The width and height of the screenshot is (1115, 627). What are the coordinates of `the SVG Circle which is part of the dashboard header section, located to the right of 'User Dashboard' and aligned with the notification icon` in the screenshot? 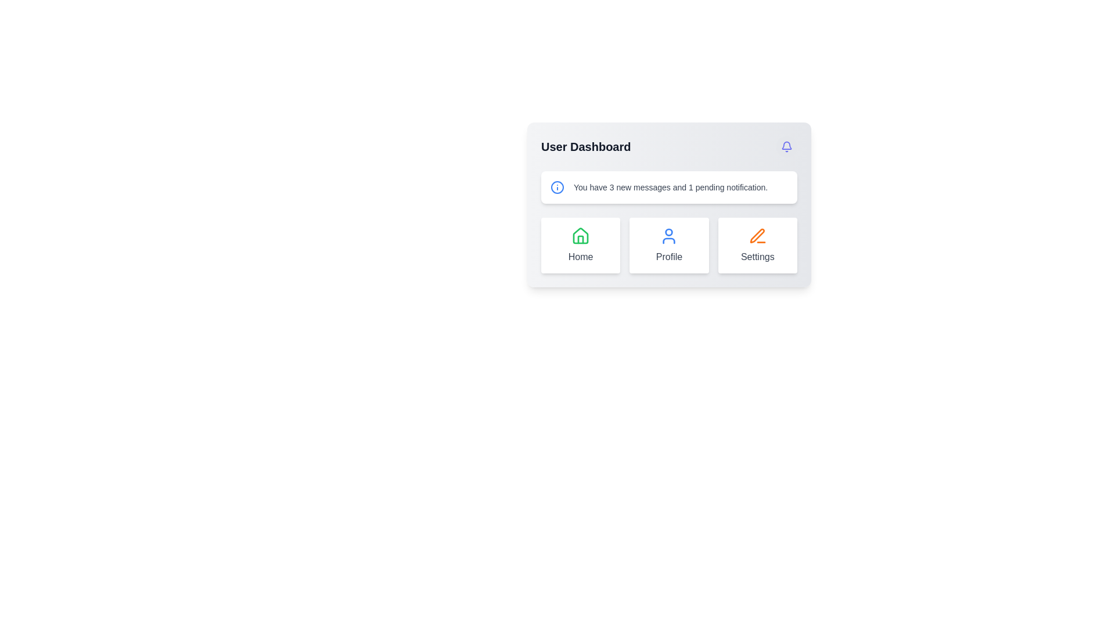 It's located at (557, 187).